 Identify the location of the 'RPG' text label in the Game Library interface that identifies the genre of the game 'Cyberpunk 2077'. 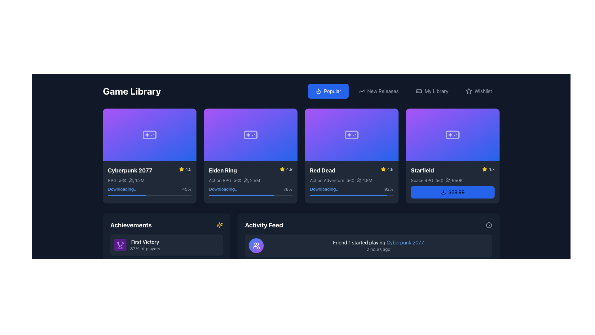
(112, 180).